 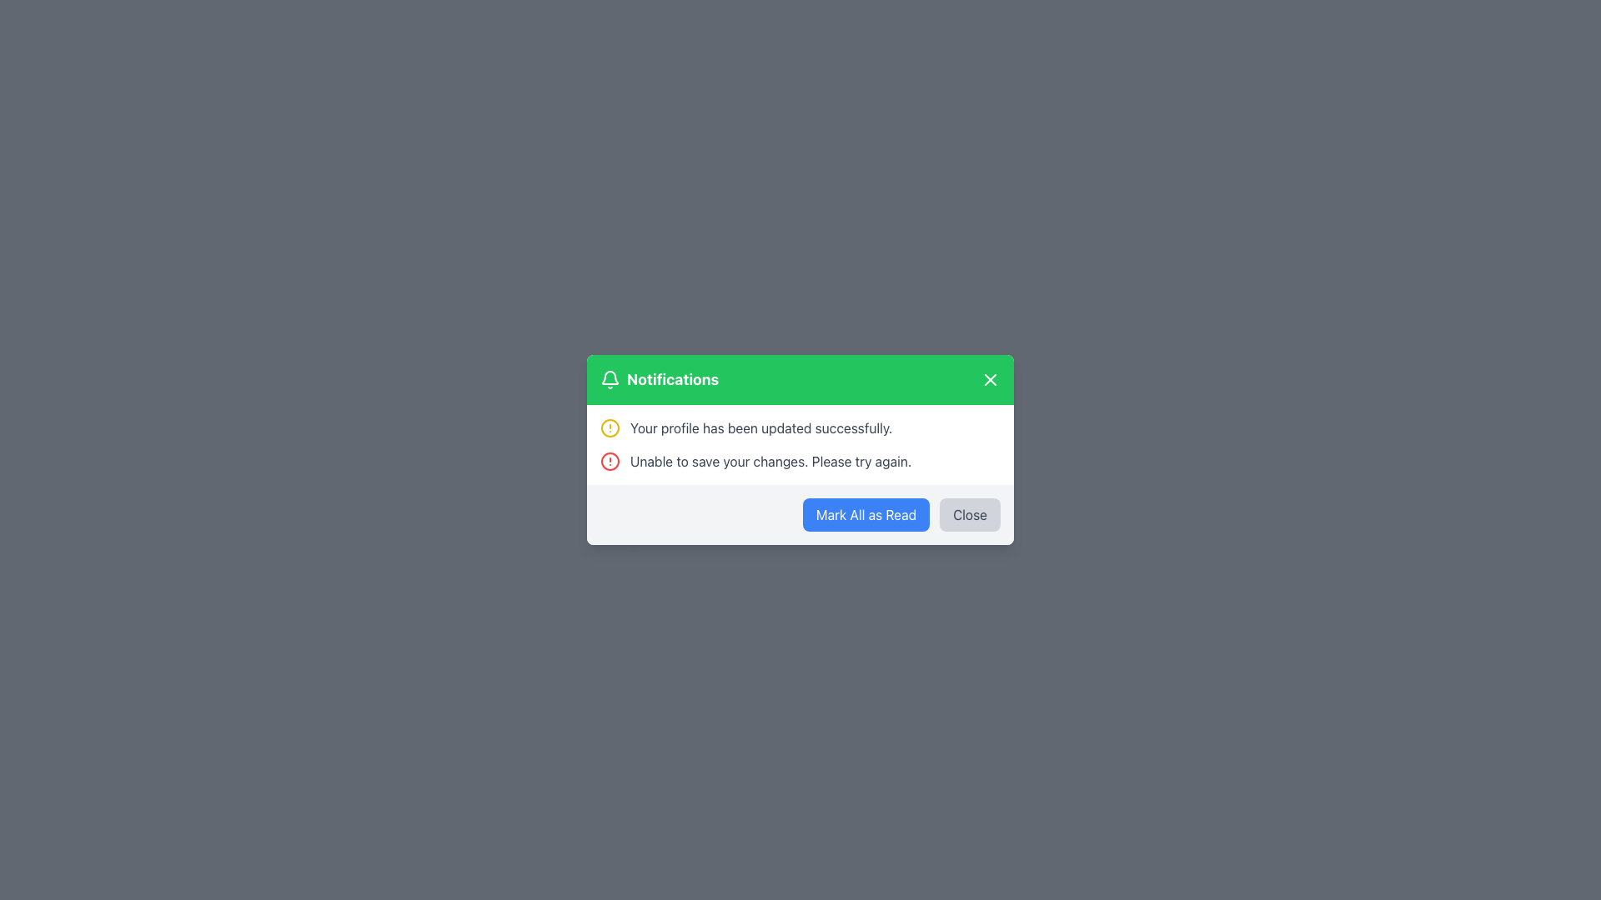 I want to click on the textual notification message that reads 'Your profile has been updated successfully.' styled in gray, located within a notification box in the central area of the interface, so click(x=760, y=427).